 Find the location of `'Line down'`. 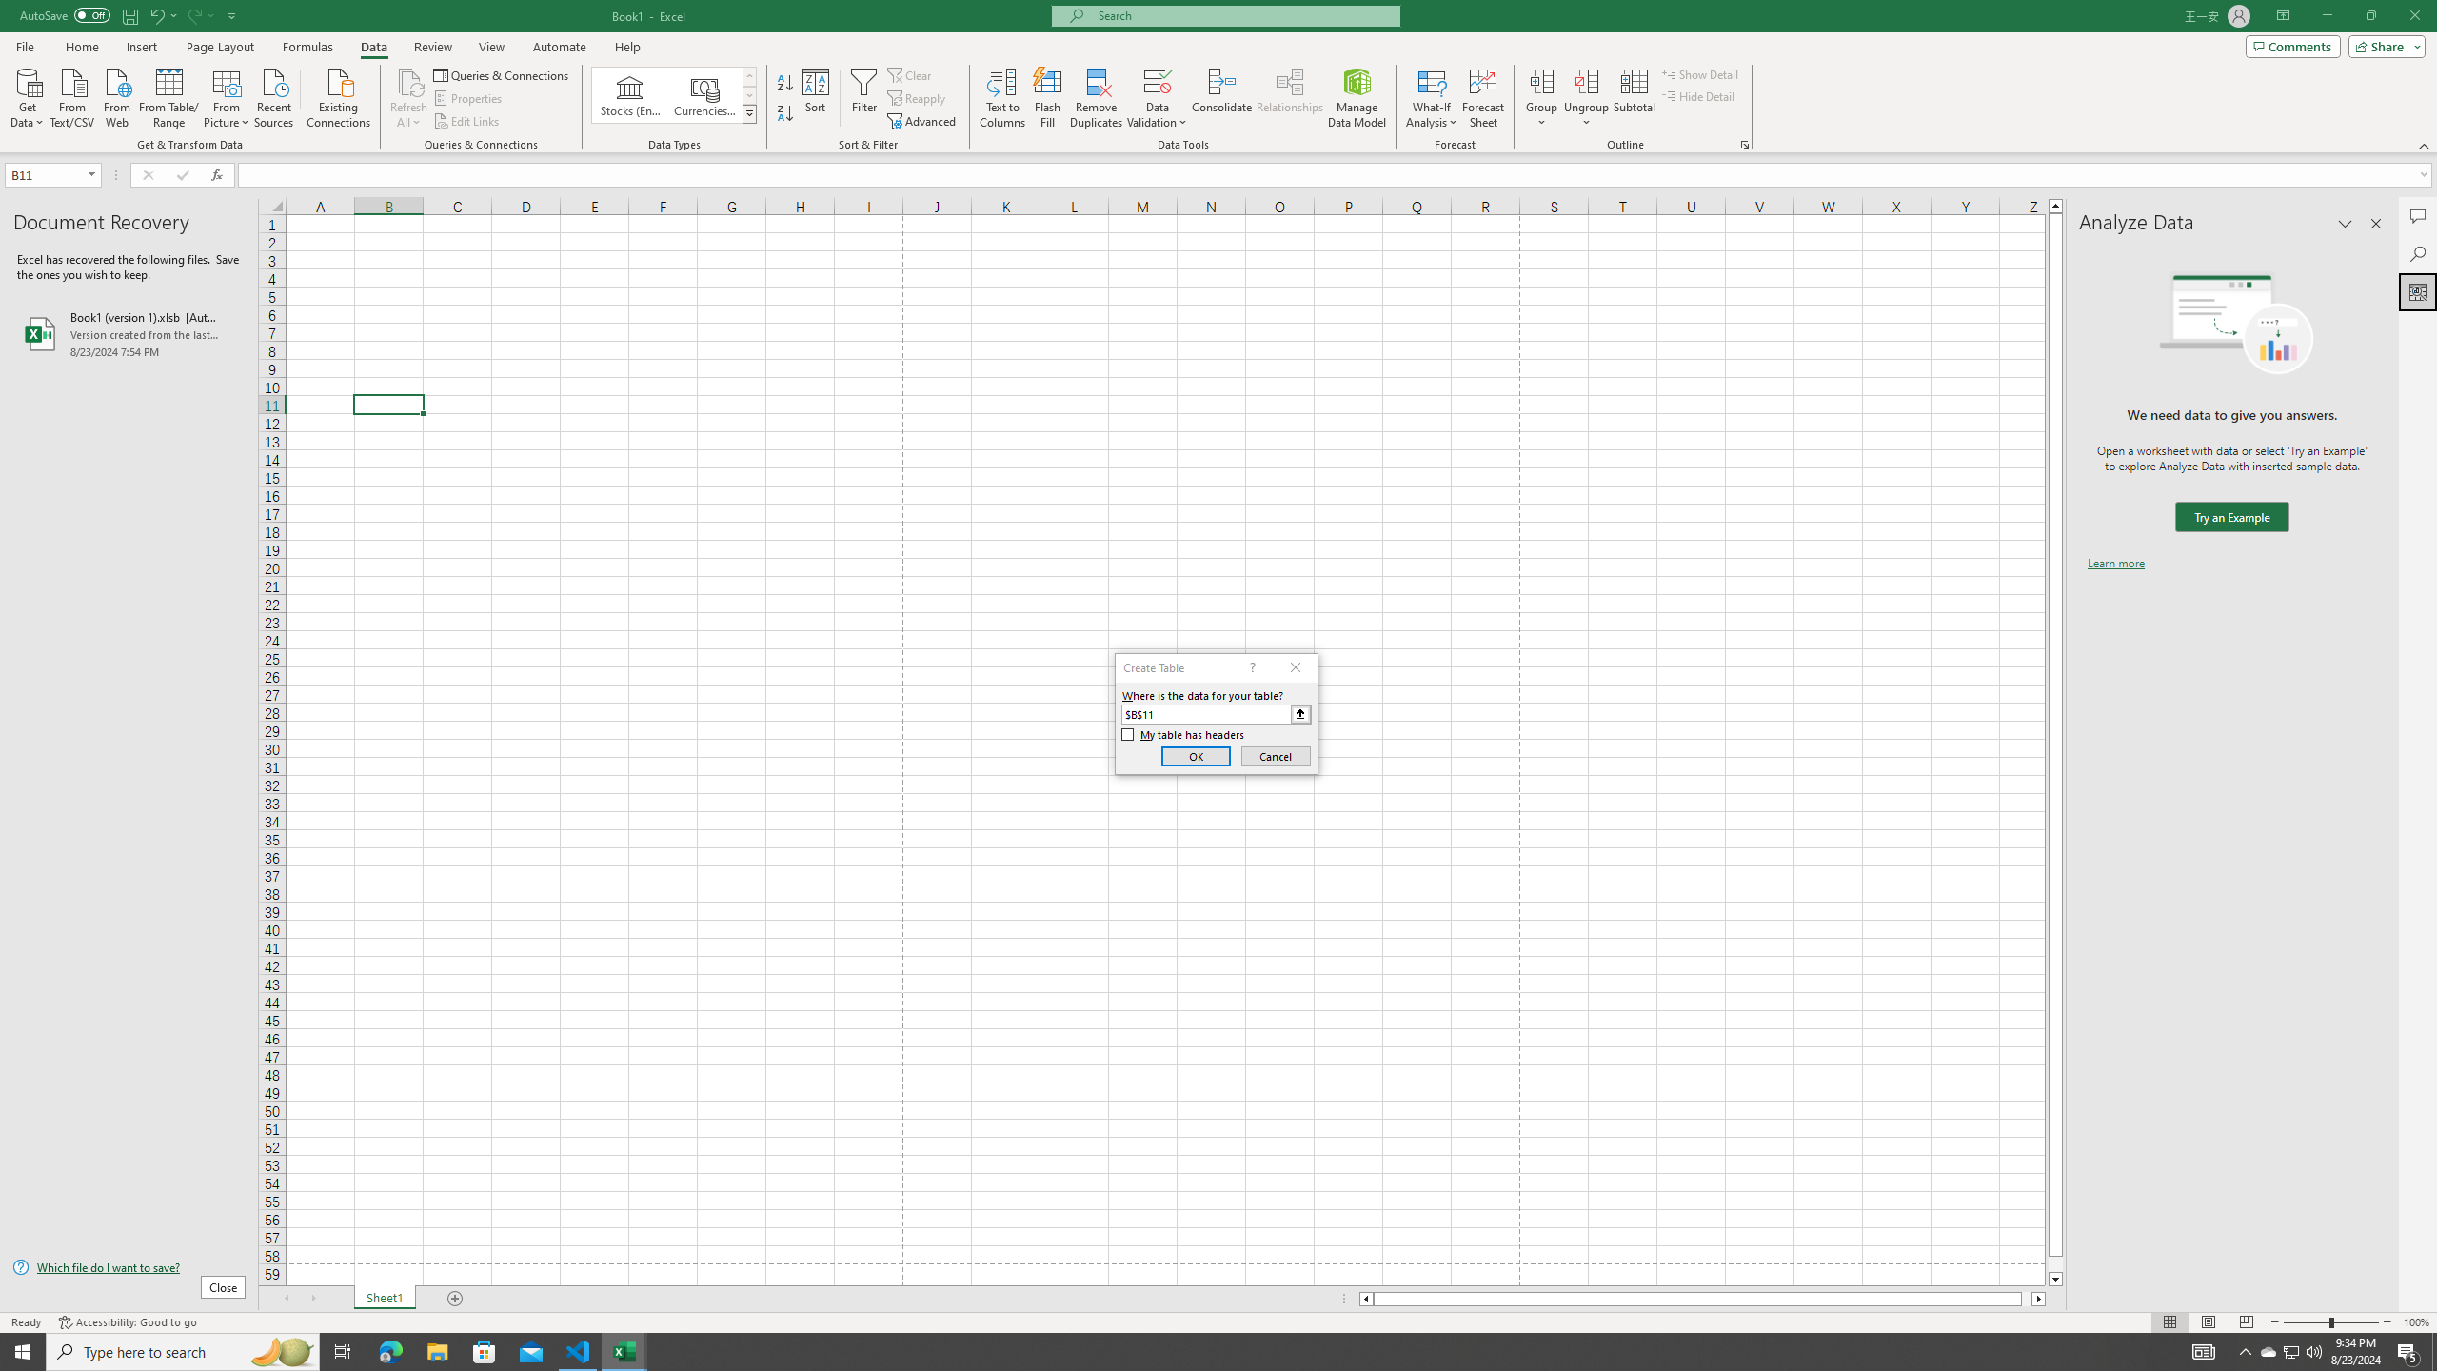

'Line down' is located at coordinates (2055, 1280).